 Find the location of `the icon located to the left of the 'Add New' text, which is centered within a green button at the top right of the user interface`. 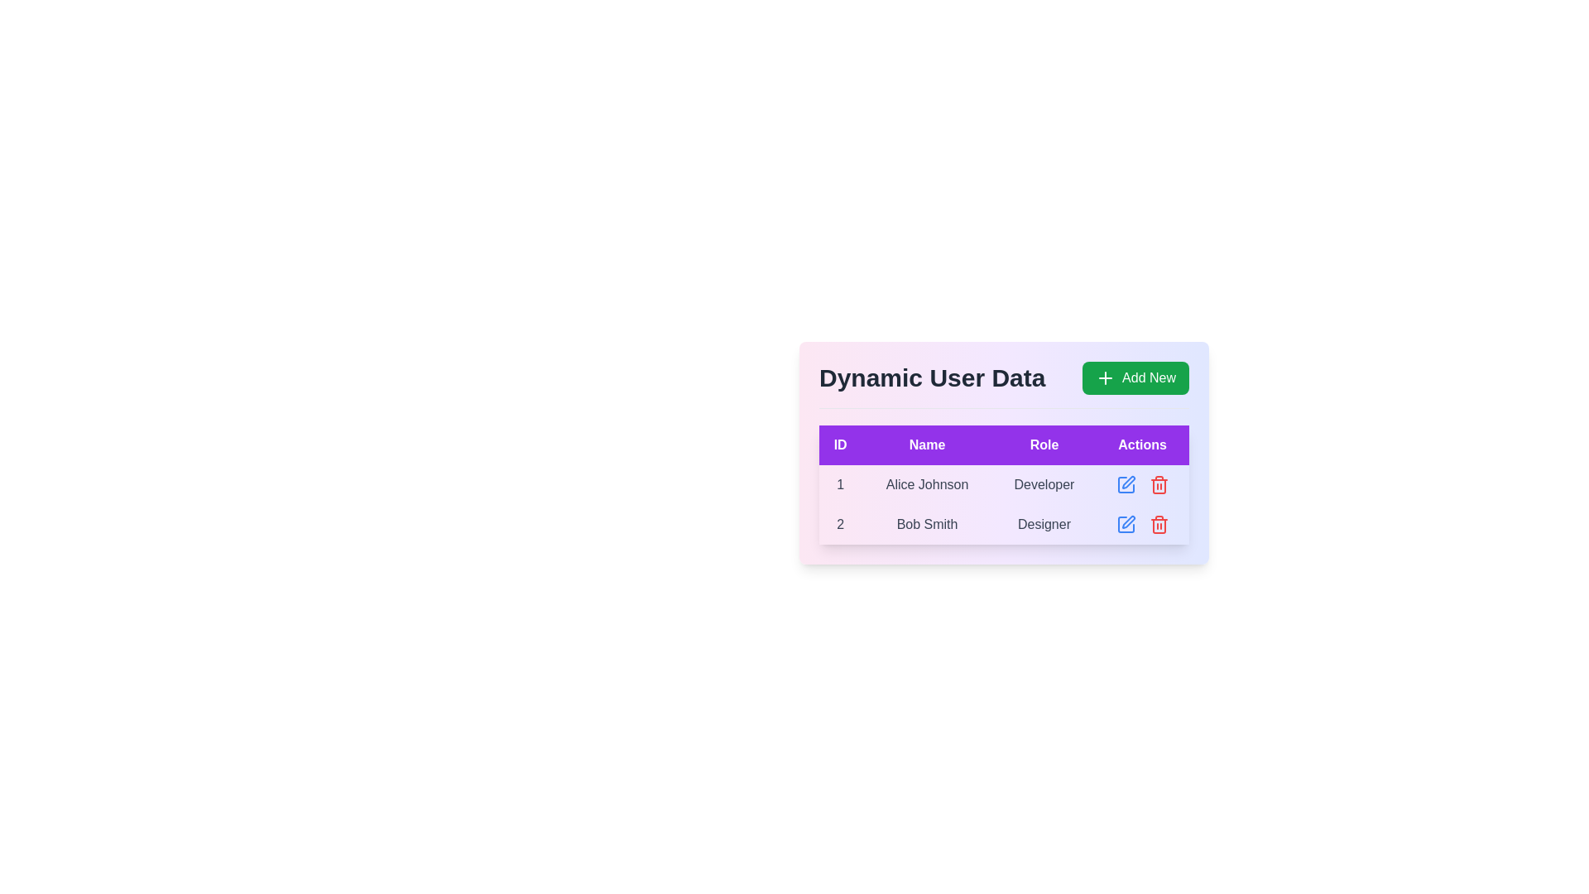

the icon located to the left of the 'Add New' text, which is centered within a green button at the top right of the user interface is located at coordinates (1106, 377).